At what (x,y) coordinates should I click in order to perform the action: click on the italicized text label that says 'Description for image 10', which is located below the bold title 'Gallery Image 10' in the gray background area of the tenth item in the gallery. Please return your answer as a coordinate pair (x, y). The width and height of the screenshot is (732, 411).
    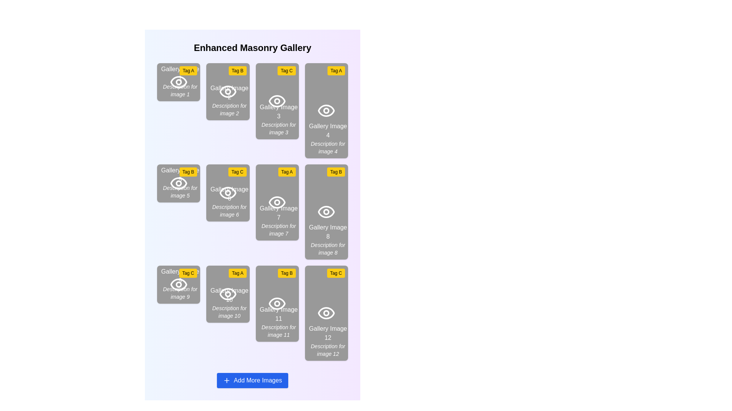
    Looking at the image, I should click on (229, 312).